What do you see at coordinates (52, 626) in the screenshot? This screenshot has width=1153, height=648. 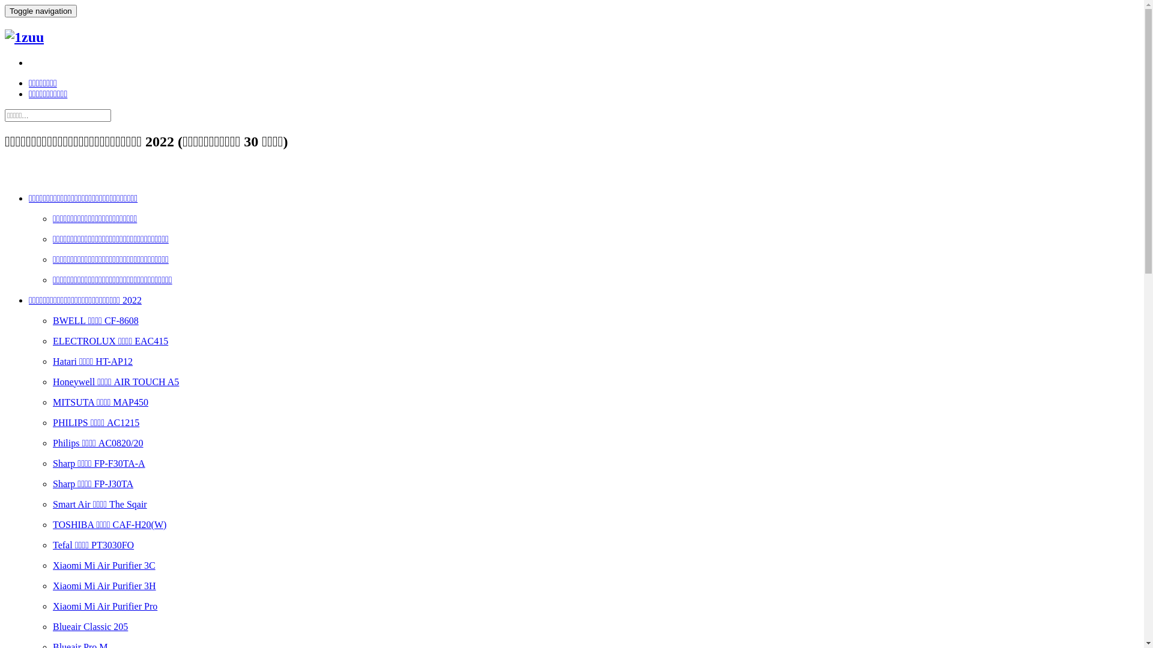 I see `'Blueair Classic 205'` at bounding box center [52, 626].